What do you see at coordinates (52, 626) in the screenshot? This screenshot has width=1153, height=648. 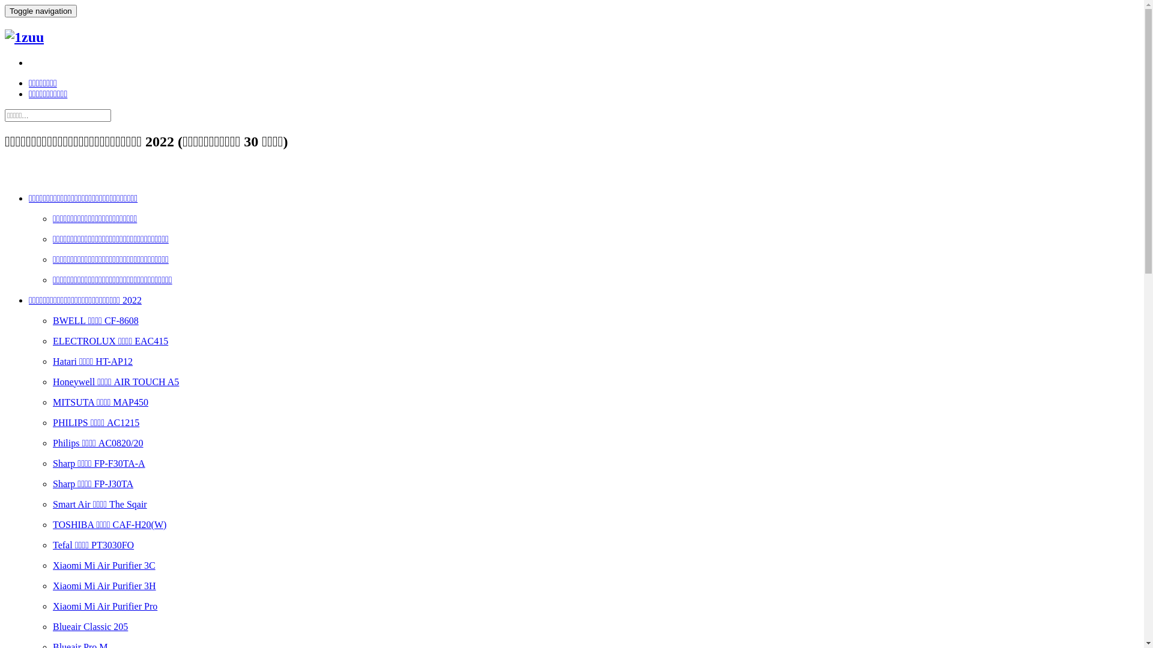 I see `'Blueair Classic 205'` at bounding box center [52, 626].